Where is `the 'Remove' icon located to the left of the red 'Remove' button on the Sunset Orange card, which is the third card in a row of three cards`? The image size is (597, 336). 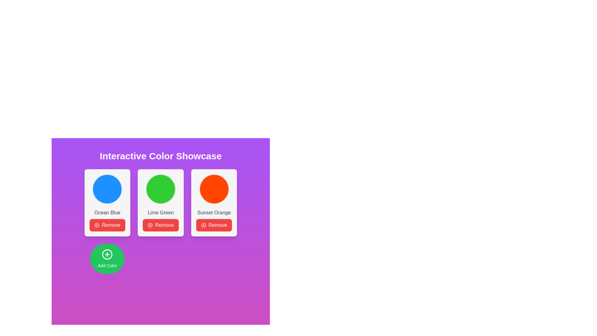
the 'Remove' icon located to the left of the red 'Remove' button on the Sunset Orange card, which is the third card in a row of three cards is located at coordinates (96, 225).